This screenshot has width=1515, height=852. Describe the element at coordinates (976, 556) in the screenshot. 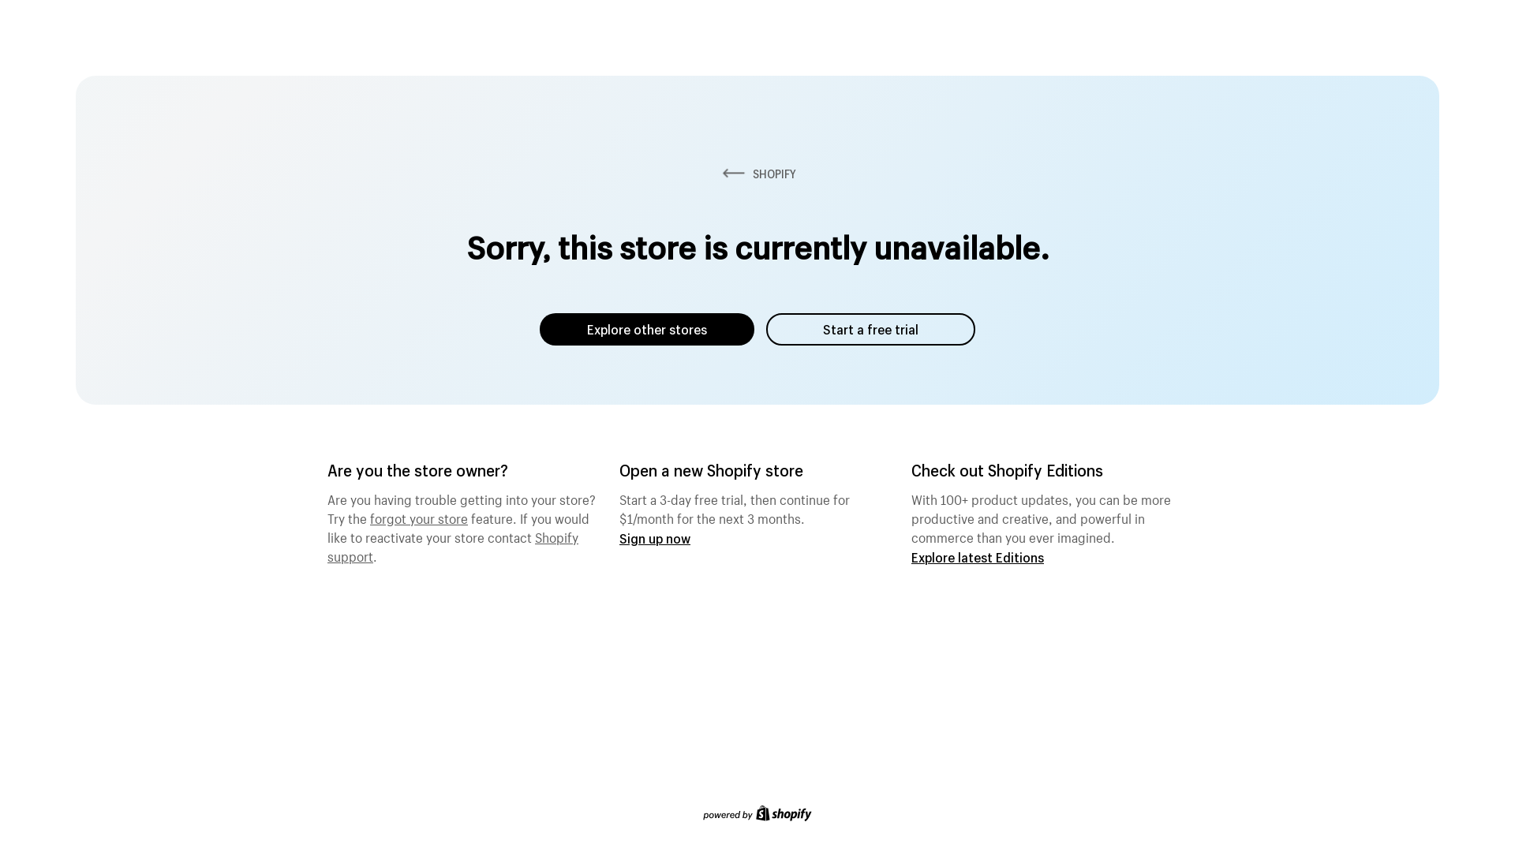

I see `'Explore latest Editions'` at that location.